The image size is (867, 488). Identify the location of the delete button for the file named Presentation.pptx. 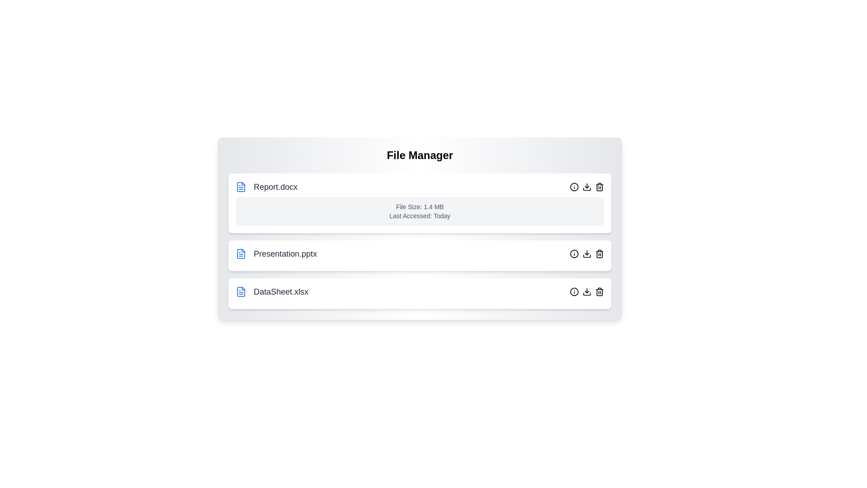
(600, 254).